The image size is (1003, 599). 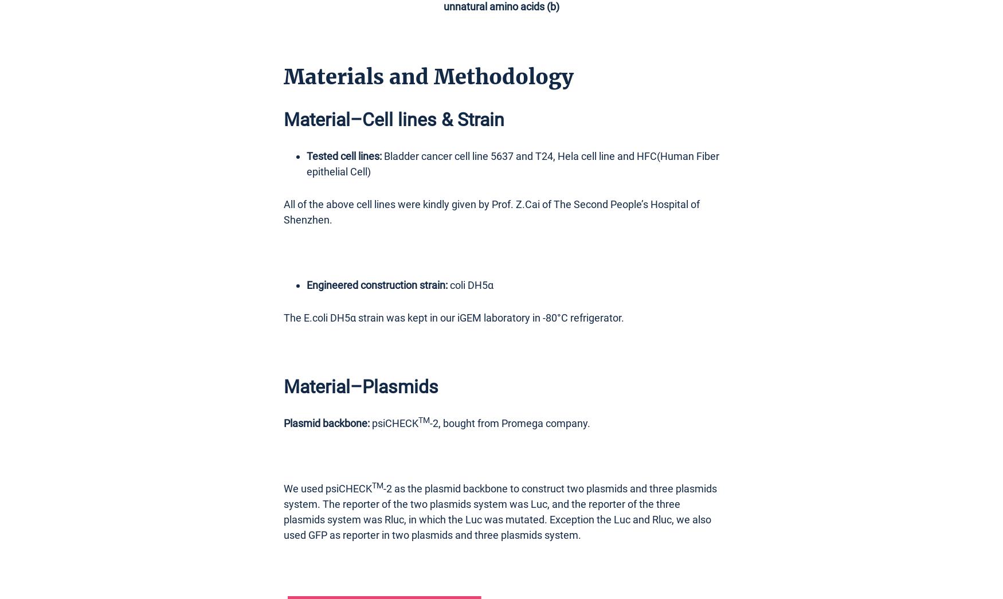 I want to click on 'coli DH5α', so click(x=472, y=284).